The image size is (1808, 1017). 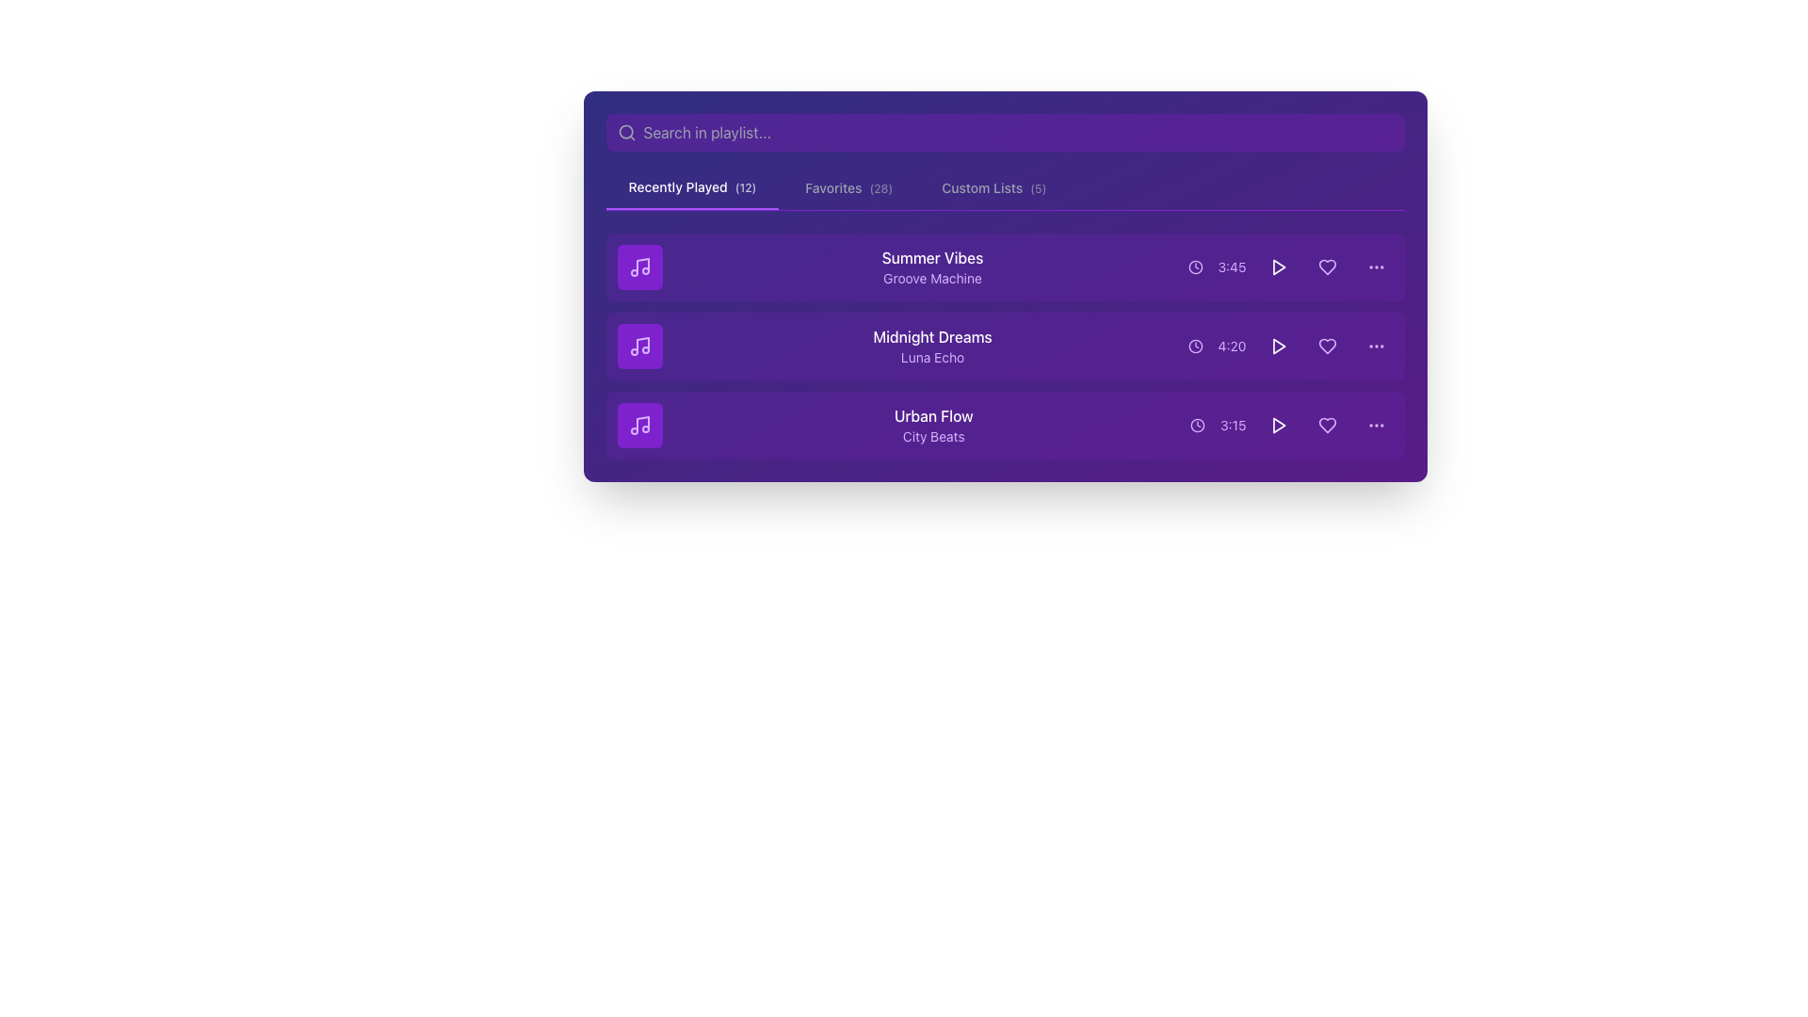 I want to click on the circular lens part of the search icon, which is an SVG graphical component located in the left section of the search bar at the top of the interface, so click(x=625, y=131).